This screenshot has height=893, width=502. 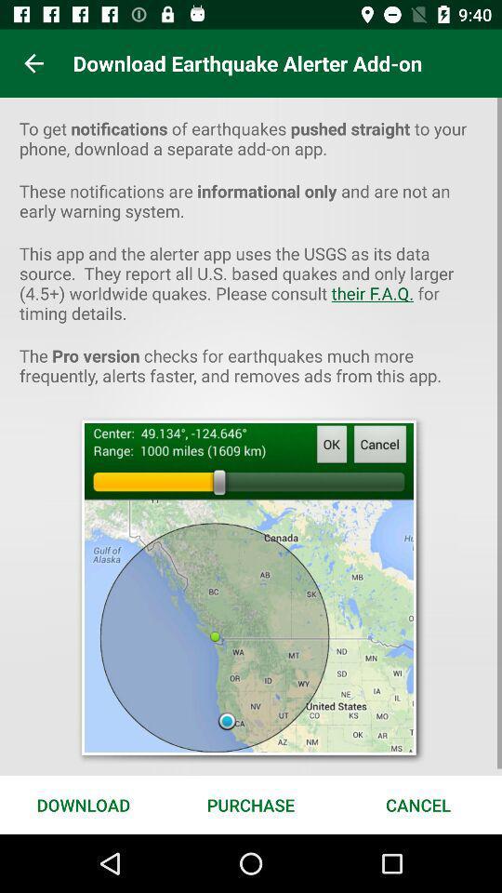 I want to click on the icon to the right of purchase, so click(x=417, y=804).